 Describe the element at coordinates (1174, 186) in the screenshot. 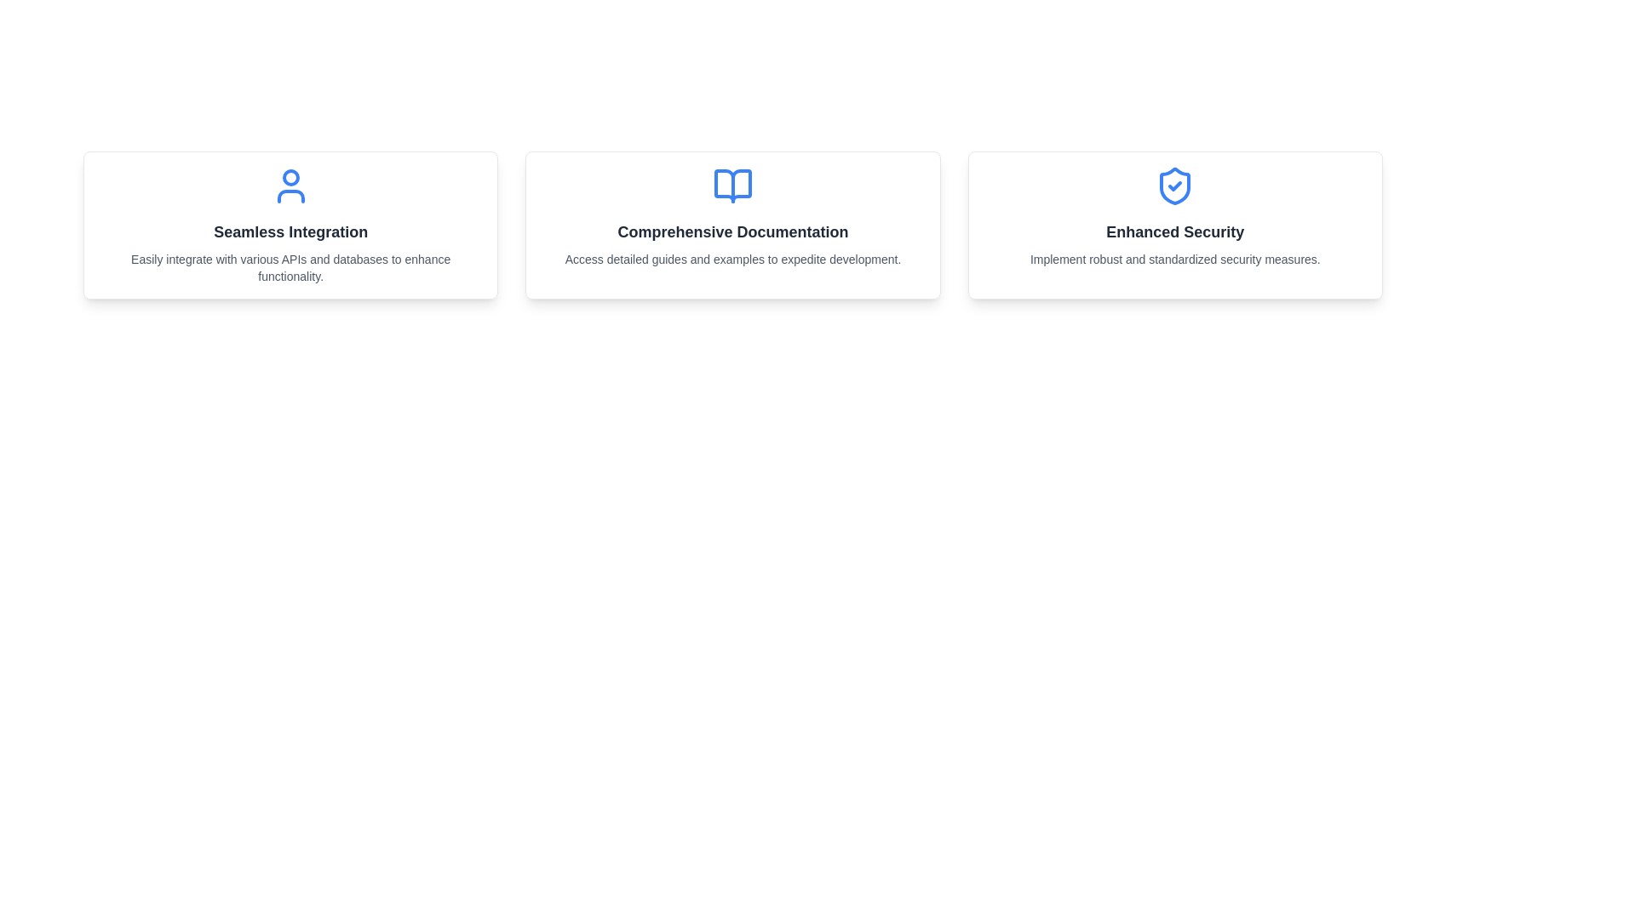

I see `the enhanced security icon located in the third information card on the right side of the interface` at that location.